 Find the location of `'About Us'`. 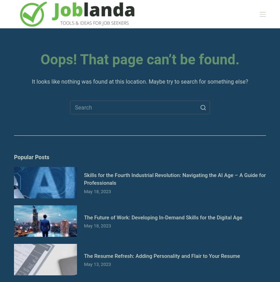

'About Us' is located at coordinates (25, 83).